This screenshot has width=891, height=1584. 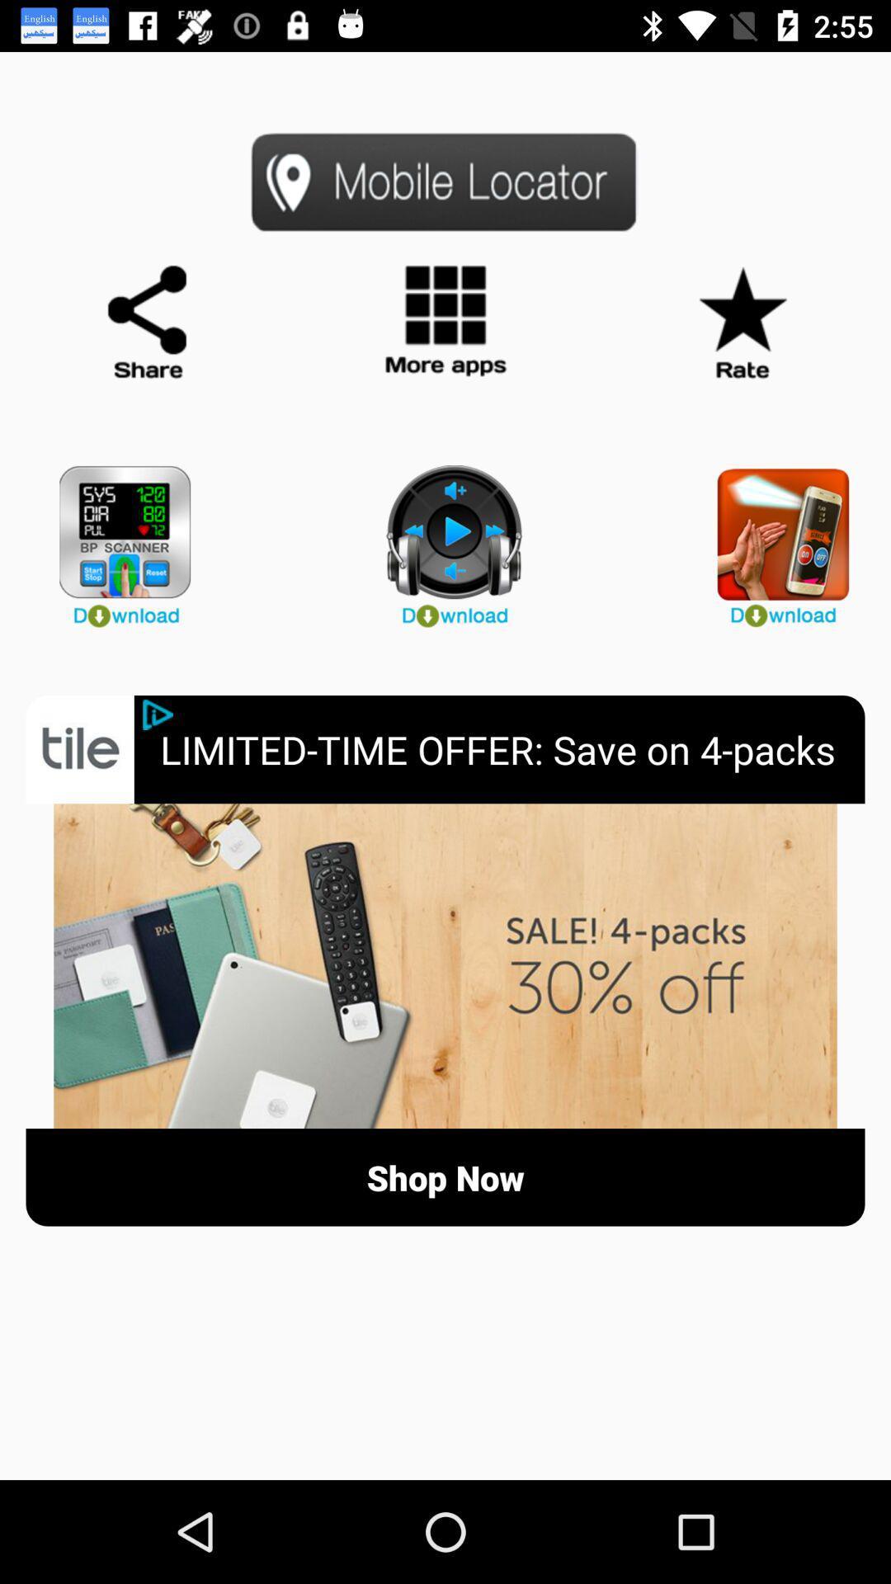 What do you see at coordinates (445, 539) in the screenshot?
I see `download` at bounding box center [445, 539].